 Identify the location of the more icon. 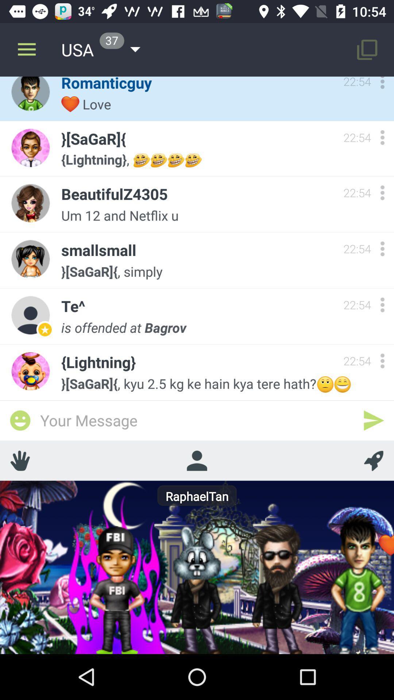
(382, 85).